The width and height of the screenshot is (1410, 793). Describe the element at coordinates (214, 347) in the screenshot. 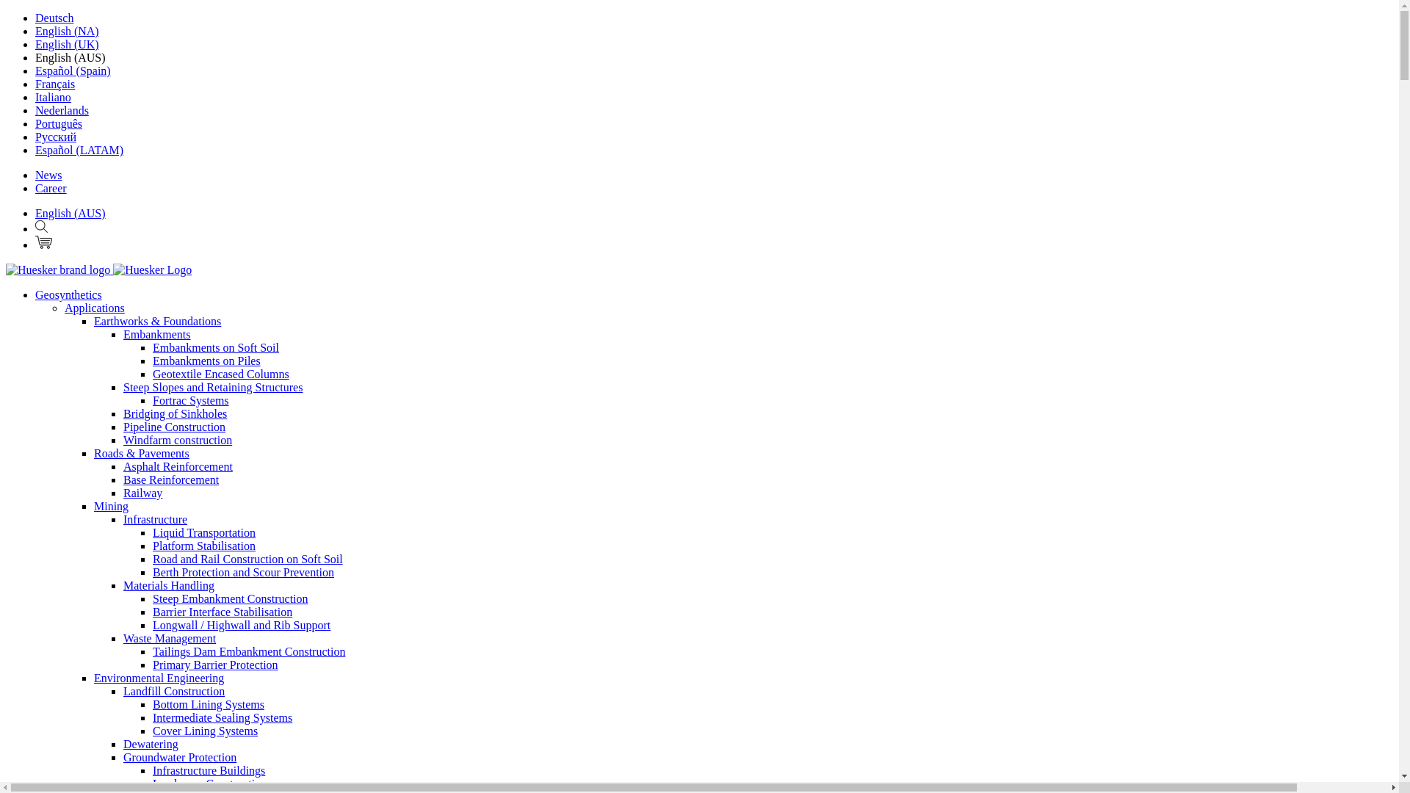

I see `'Embankments on Soft Soil'` at that location.